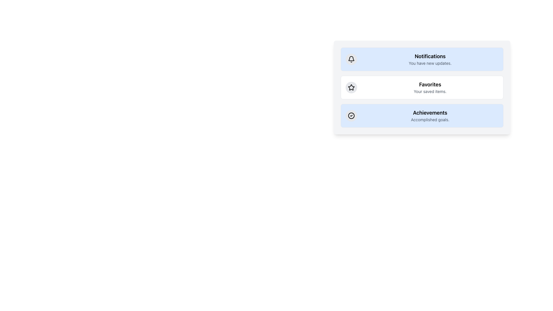  I want to click on the descriptive text label located beneath the 'Favorites' heading within the structured card section, so click(430, 91).